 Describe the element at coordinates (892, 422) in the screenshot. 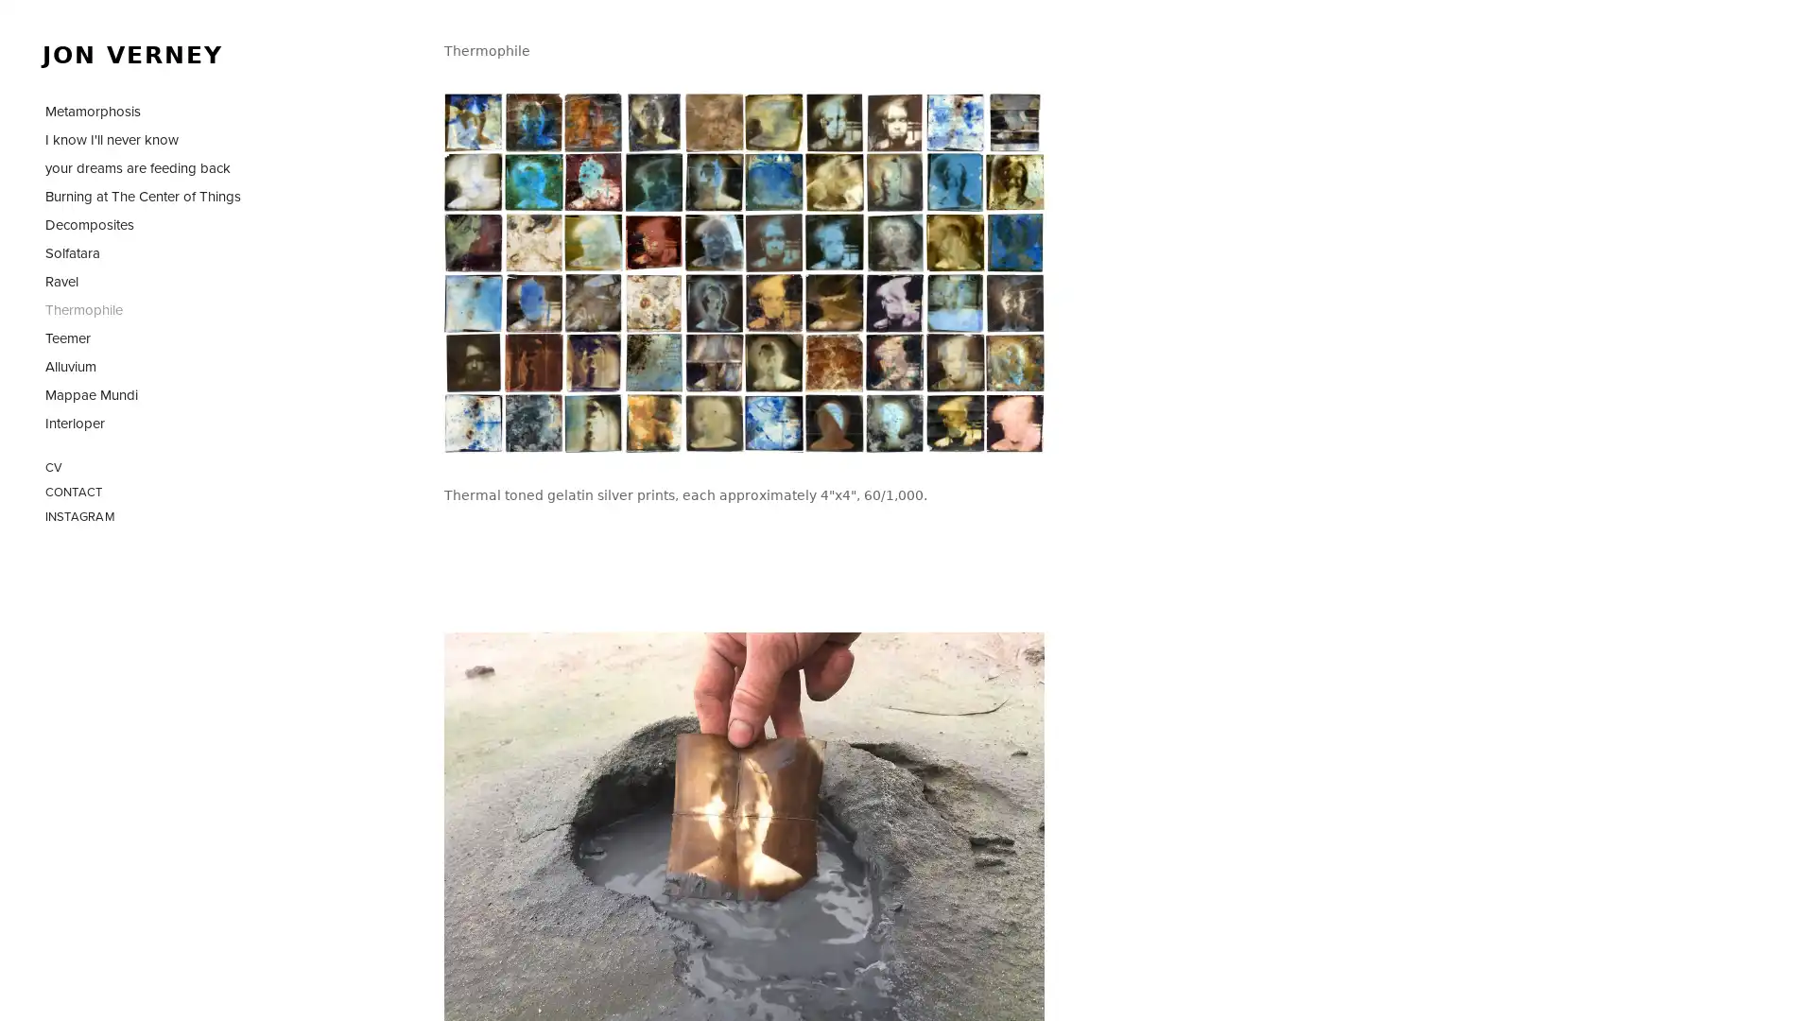

I see `View fullsize jon_verney_thermophile_63.jpg` at that location.